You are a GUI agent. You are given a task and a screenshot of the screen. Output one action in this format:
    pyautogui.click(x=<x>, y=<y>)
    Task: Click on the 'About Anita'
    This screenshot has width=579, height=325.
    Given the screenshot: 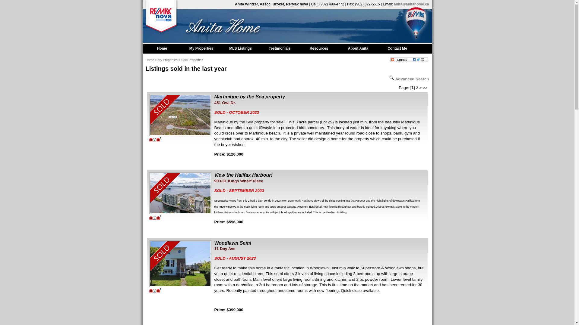 What is the action you would take?
    pyautogui.click(x=358, y=48)
    